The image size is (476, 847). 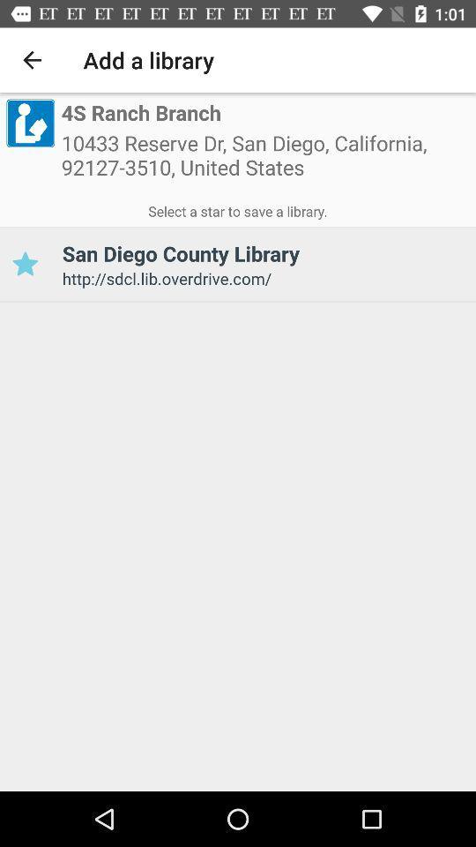 I want to click on the icon next to the 4s ranch branch icon, so click(x=29, y=122).